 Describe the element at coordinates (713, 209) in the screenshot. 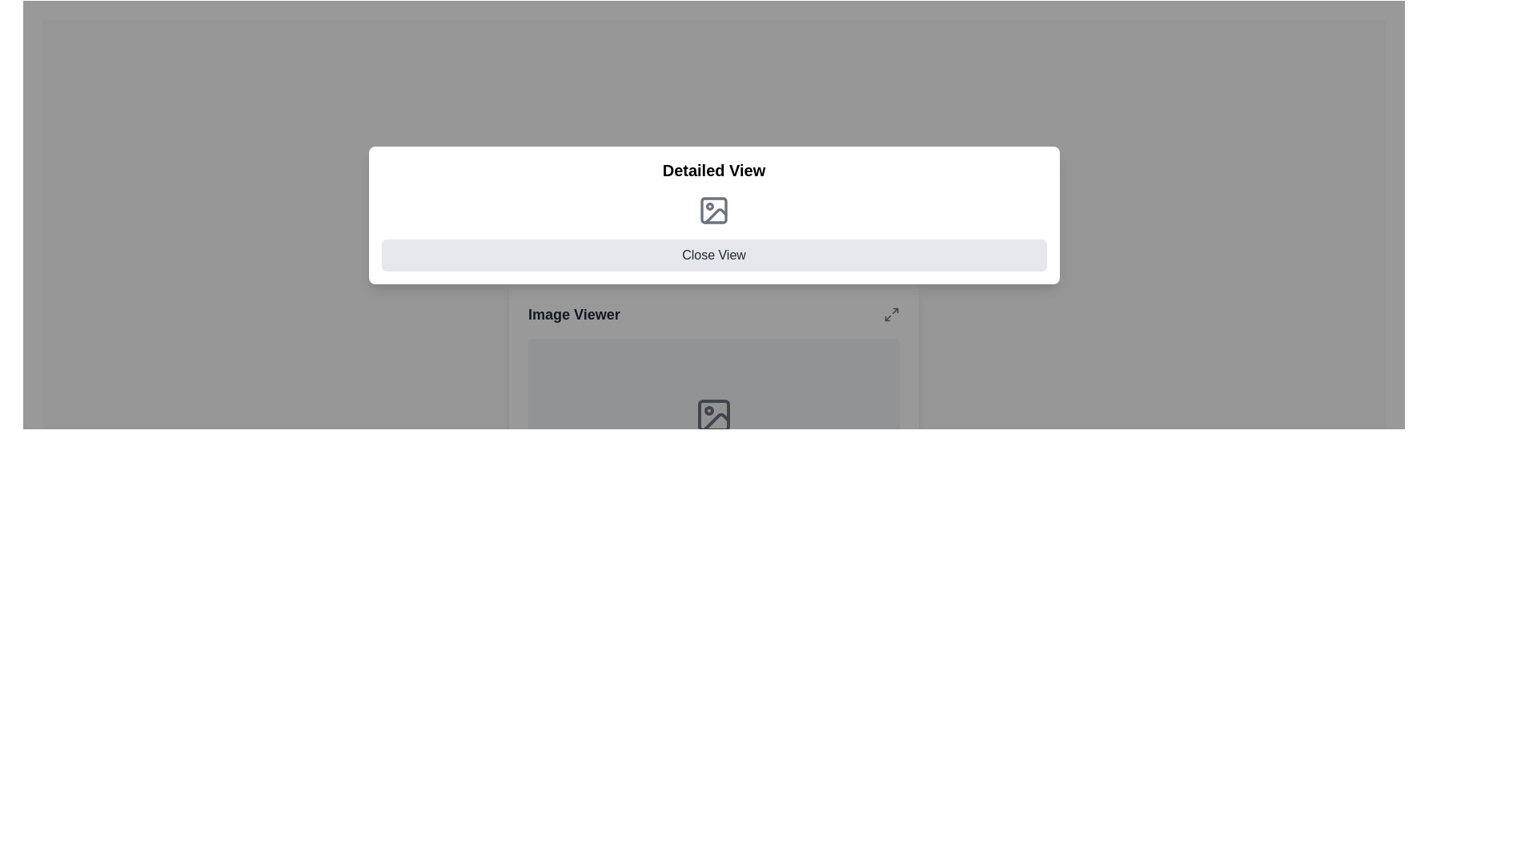

I see `the graphical icon of an image with a gray outline located in the 'Detailed View' modal, positioned above the 'Close View' element` at that location.